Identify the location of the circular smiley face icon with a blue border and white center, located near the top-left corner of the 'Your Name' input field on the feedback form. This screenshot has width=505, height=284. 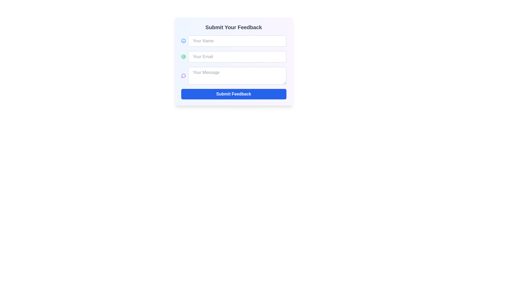
(183, 40).